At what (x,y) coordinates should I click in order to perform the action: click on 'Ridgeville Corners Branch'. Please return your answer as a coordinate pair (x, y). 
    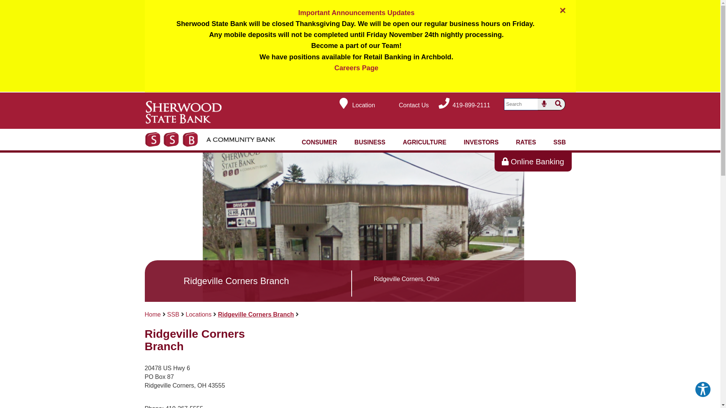
    Looking at the image, I should click on (256, 314).